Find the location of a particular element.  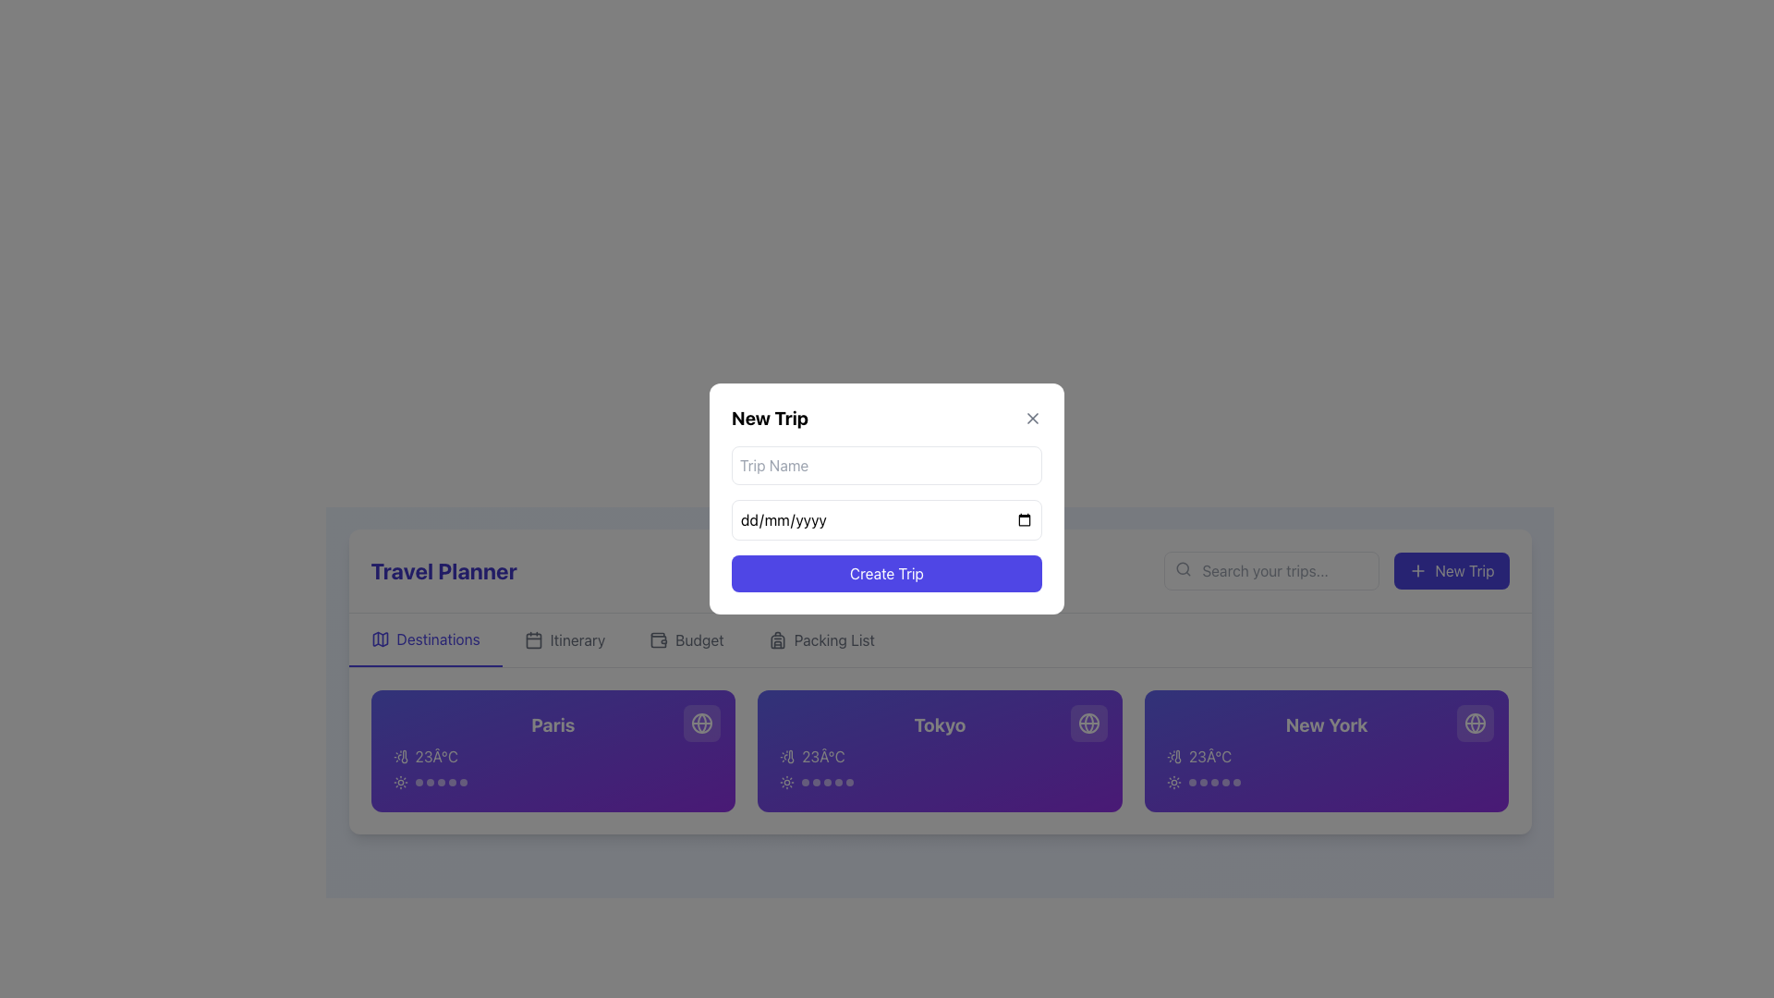

the close button represented as an 'X' icon in a square is located at coordinates (1032, 418).